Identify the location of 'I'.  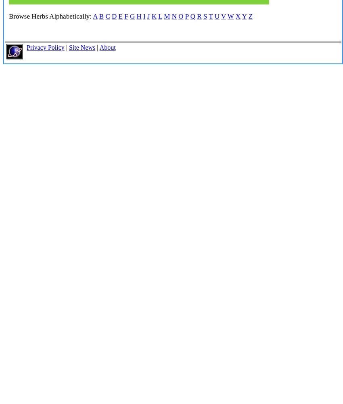
(144, 16).